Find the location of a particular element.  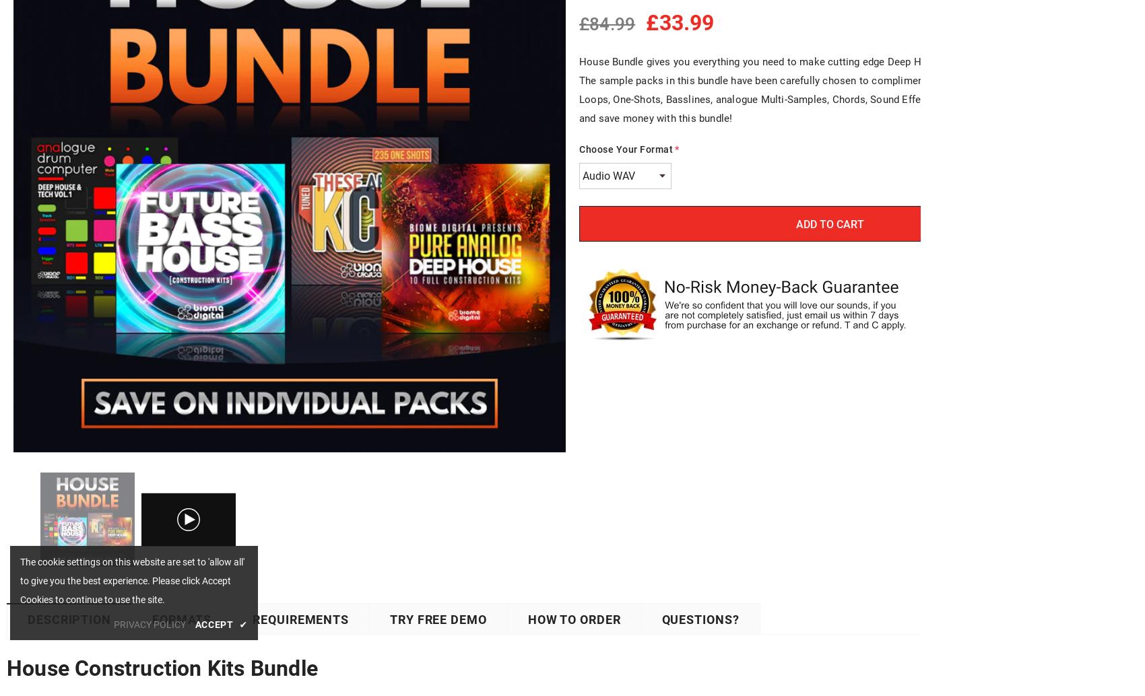

'£33.99' is located at coordinates (679, 23).